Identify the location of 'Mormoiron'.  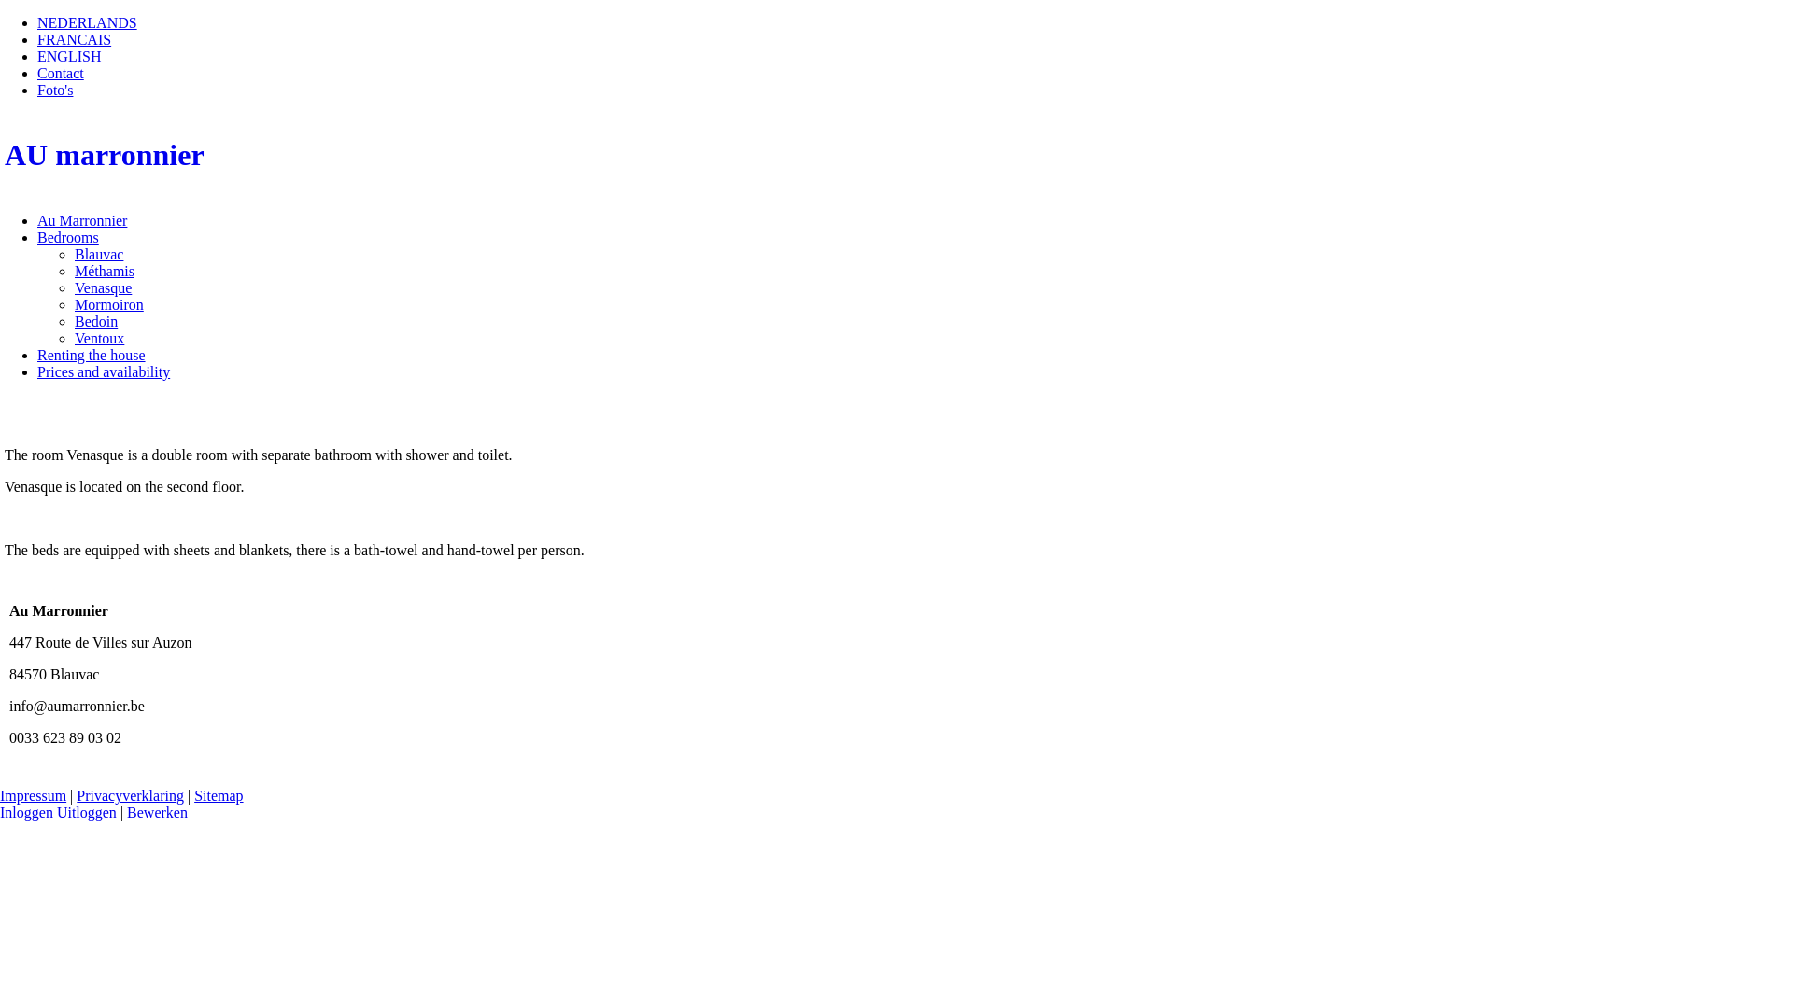
(107, 303).